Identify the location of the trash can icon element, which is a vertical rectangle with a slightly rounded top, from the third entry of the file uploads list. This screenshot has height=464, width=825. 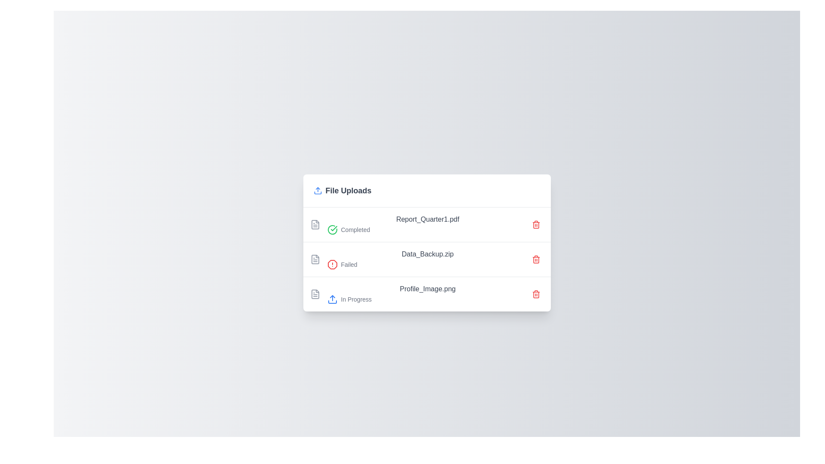
(535, 259).